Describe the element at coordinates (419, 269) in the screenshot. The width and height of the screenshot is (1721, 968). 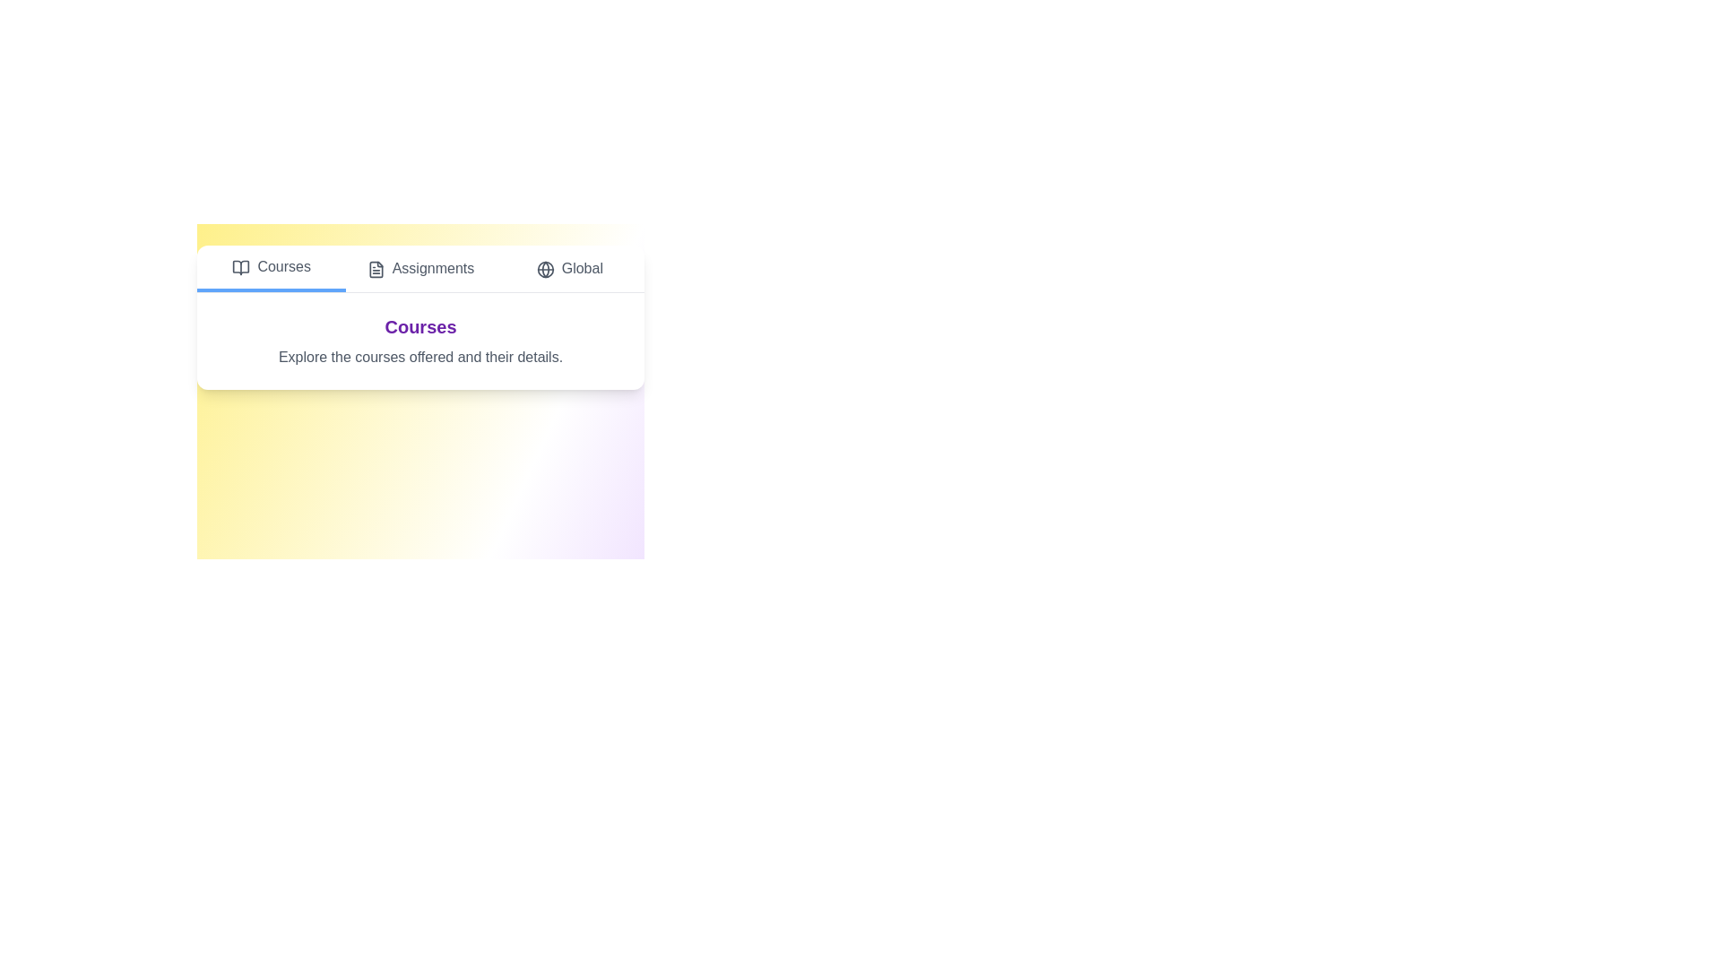
I see `the Assignments tab by clicking on its button` at that location.